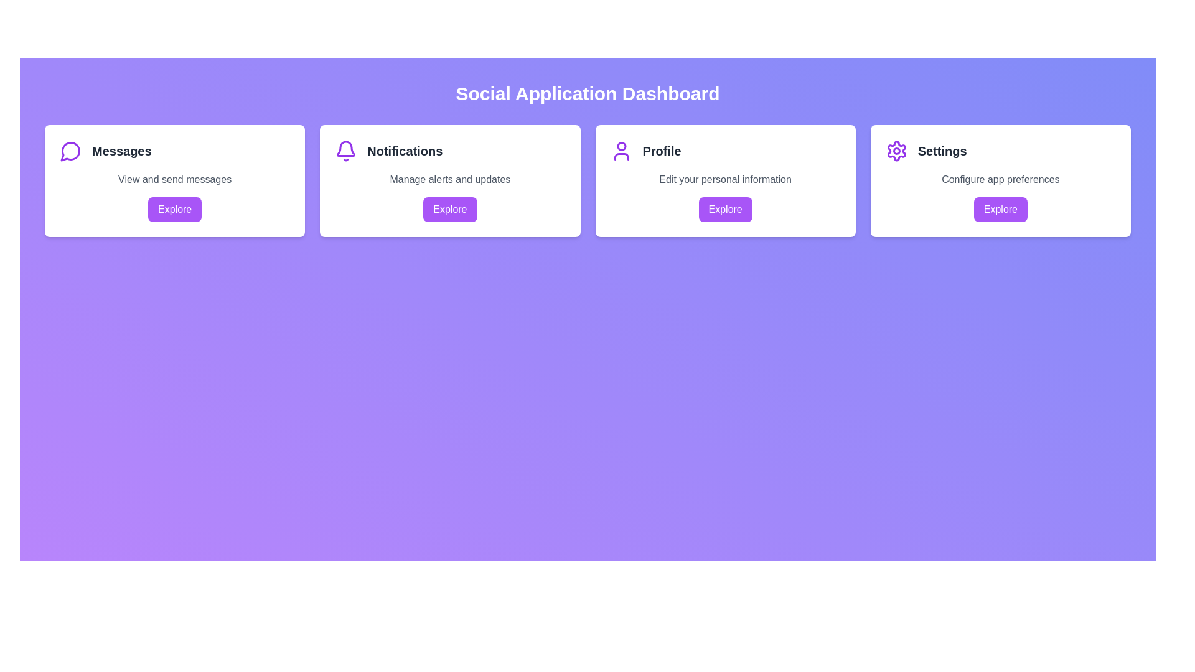  I want to click on the purple cogwheel icon located inside the 'Settings' card, which is the fourth card in a row of cards on the interface, so click(896, 151).